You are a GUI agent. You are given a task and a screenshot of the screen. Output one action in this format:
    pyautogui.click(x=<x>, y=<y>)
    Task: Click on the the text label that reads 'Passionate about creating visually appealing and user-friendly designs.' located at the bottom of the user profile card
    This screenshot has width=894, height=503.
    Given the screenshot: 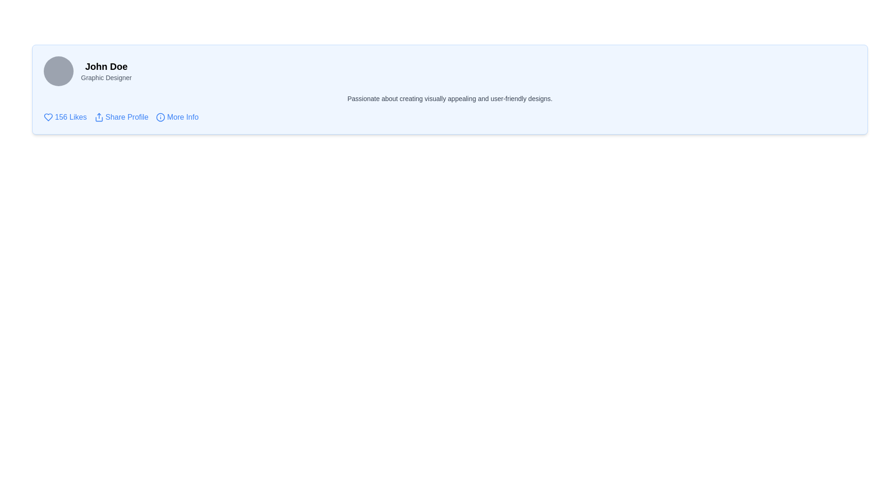 What is the action you would take?
    pyautogui.click(x=450, y=99)
    